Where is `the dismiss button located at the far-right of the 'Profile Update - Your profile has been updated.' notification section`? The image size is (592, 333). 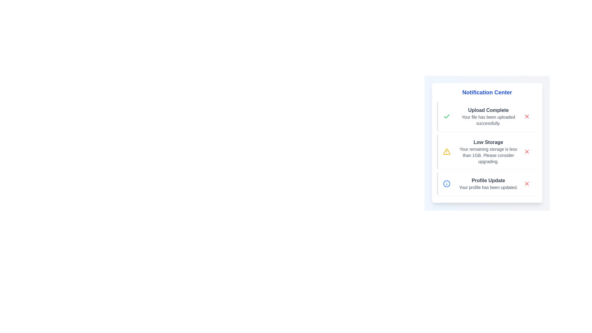 the dismiss button located at the far-right of the 'Profile Update - Your profile has been updated.' notification section is located at coordinates (526, 183).